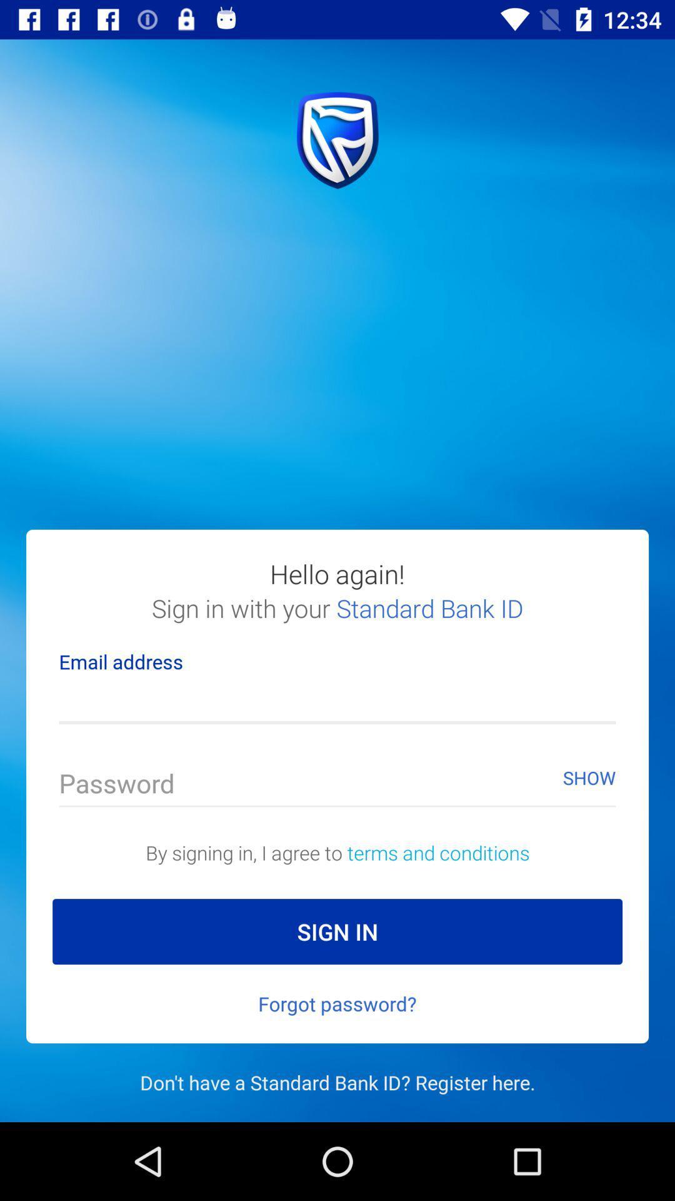 This screenshot has width=675, height=1201. I want to click on emailaddress, so click(337, 702).